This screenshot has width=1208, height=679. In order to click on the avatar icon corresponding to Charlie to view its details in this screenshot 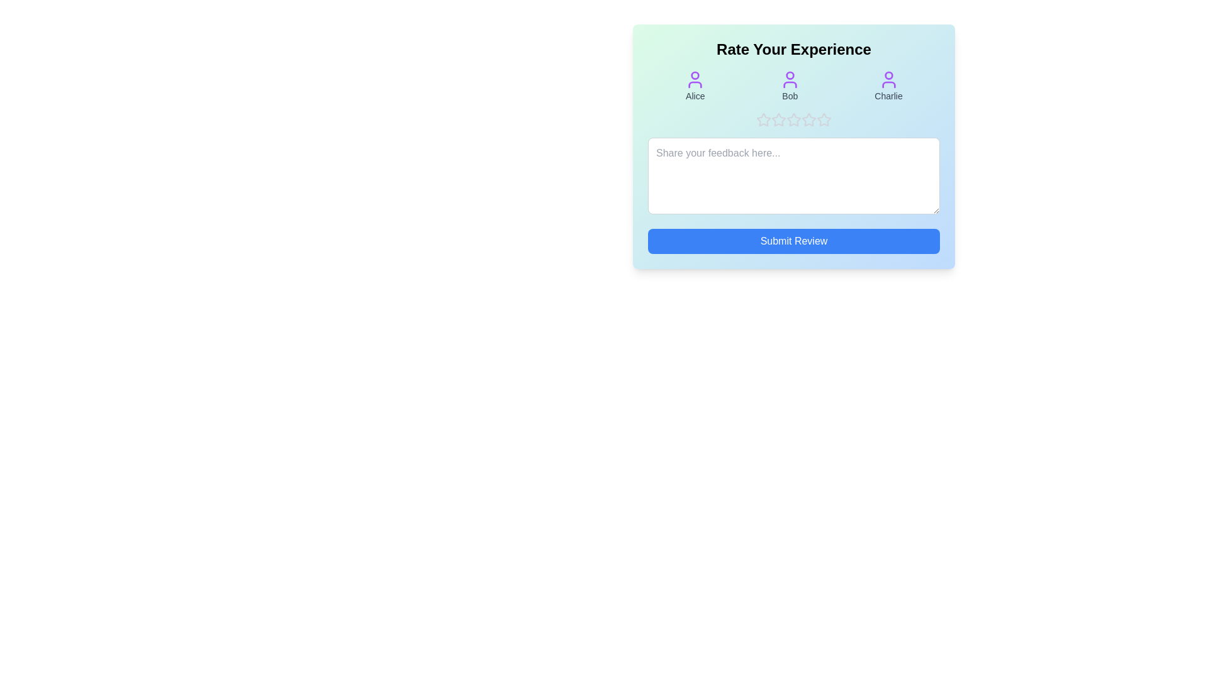, I will do `click(887, 86)`.